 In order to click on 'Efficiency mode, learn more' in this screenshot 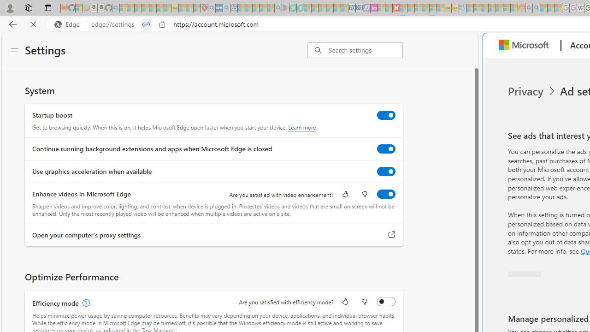, I will do `click(85, 303)`.